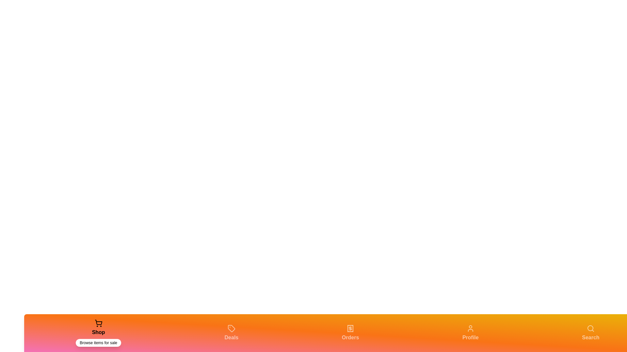 The width and height of the screenshot is (627, 352). Describe the element at coordinates (350, 333) in the screenshot. I see `the Orders tab in the bottom navigation bar` at that location.